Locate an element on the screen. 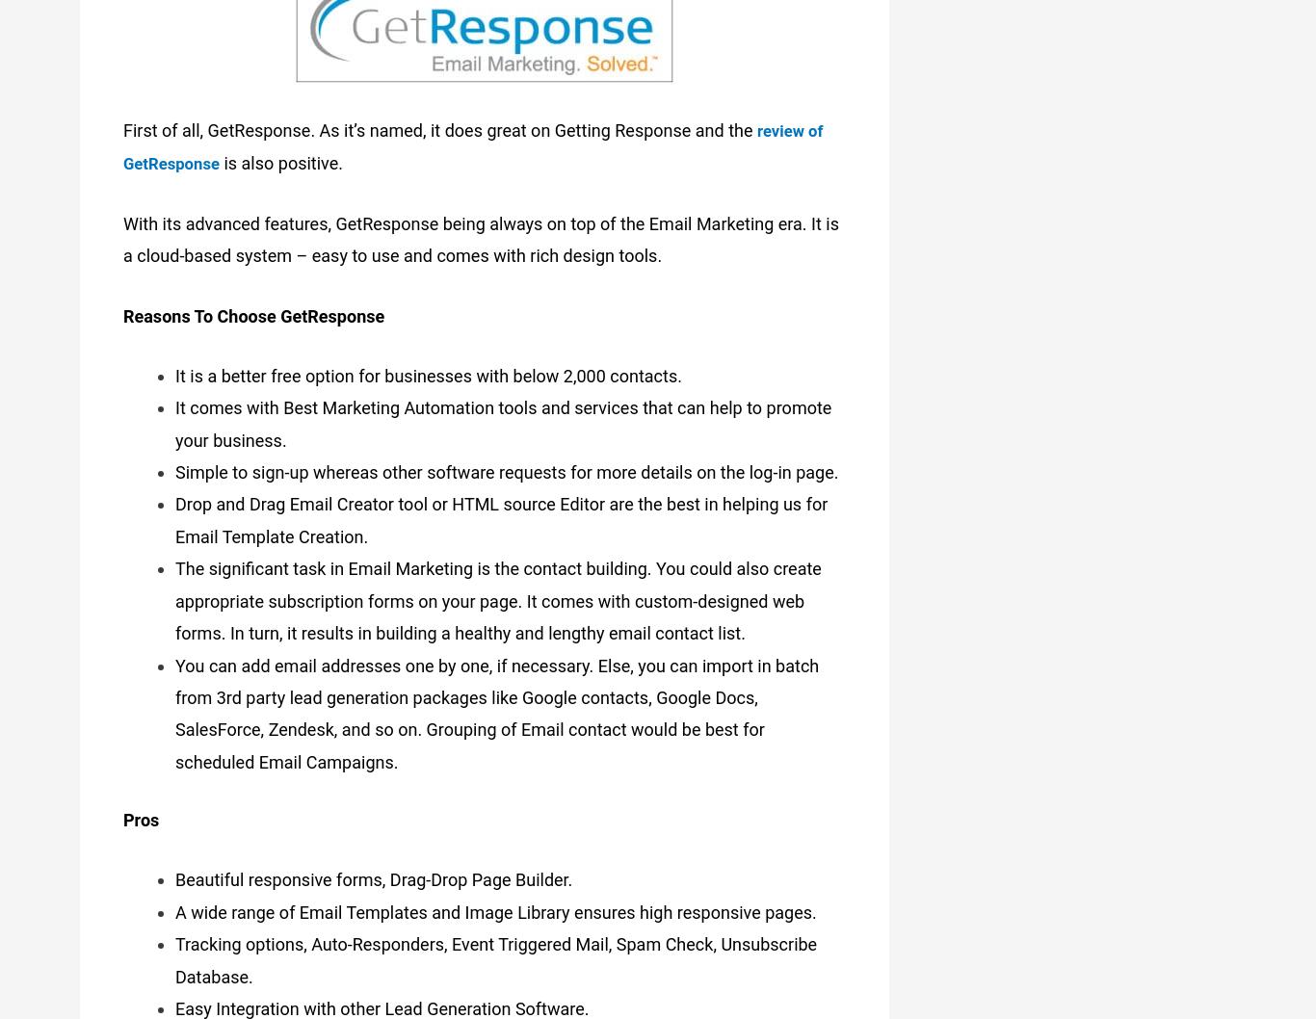 This screenshot has width=1316, height=1019. 'It comes with Best Marketing Automation tools and services that can help to promote your business.' is located at coordinates (173, 420).